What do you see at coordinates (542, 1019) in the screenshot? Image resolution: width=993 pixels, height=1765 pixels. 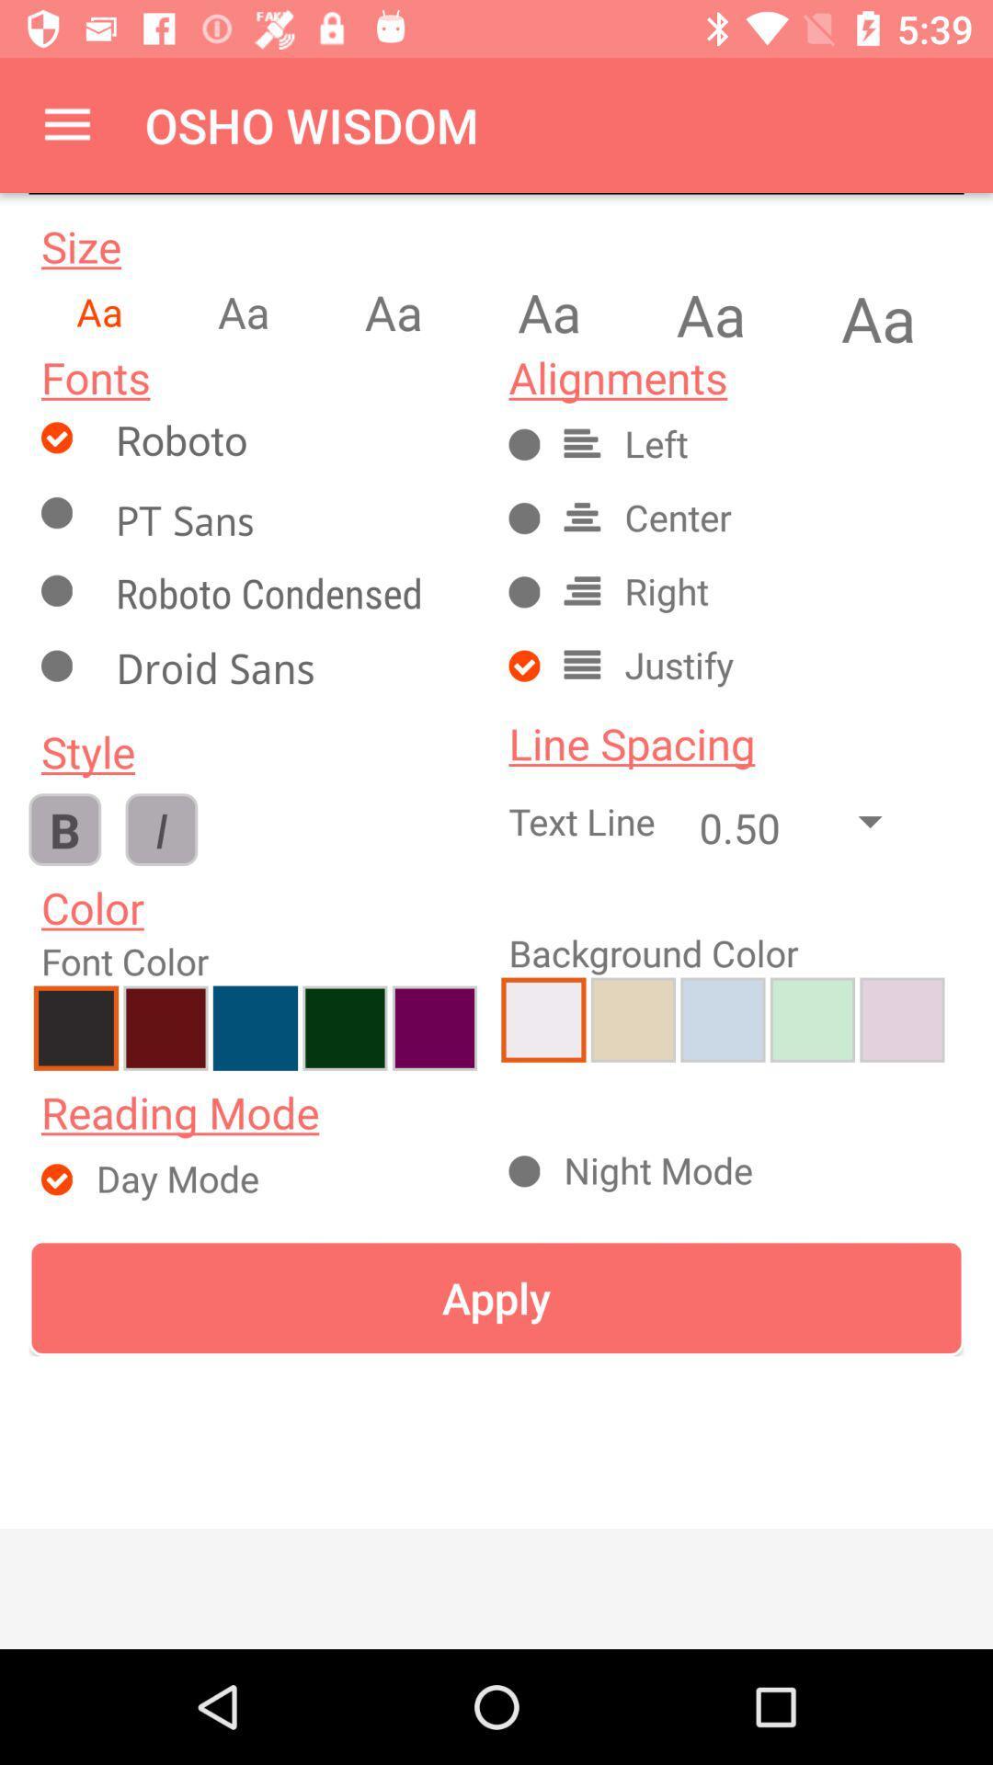 I see `selects background color` at bounding box center [542, 1019].